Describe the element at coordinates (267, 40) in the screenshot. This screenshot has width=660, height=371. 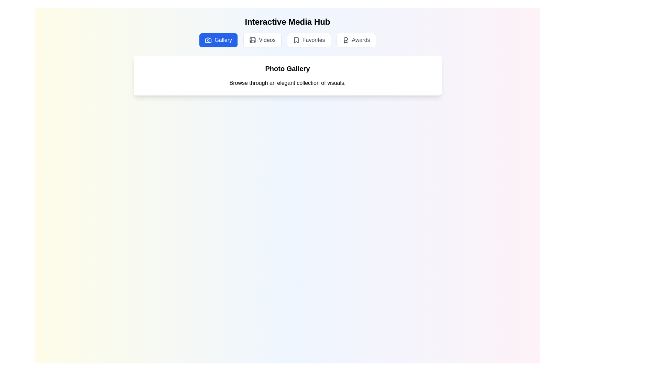
I see `the text element that serves as a button or navigation link for videos, located between the 'Gallery' and 'Favorites' buttons in the horizontal menu of the header` at that location.